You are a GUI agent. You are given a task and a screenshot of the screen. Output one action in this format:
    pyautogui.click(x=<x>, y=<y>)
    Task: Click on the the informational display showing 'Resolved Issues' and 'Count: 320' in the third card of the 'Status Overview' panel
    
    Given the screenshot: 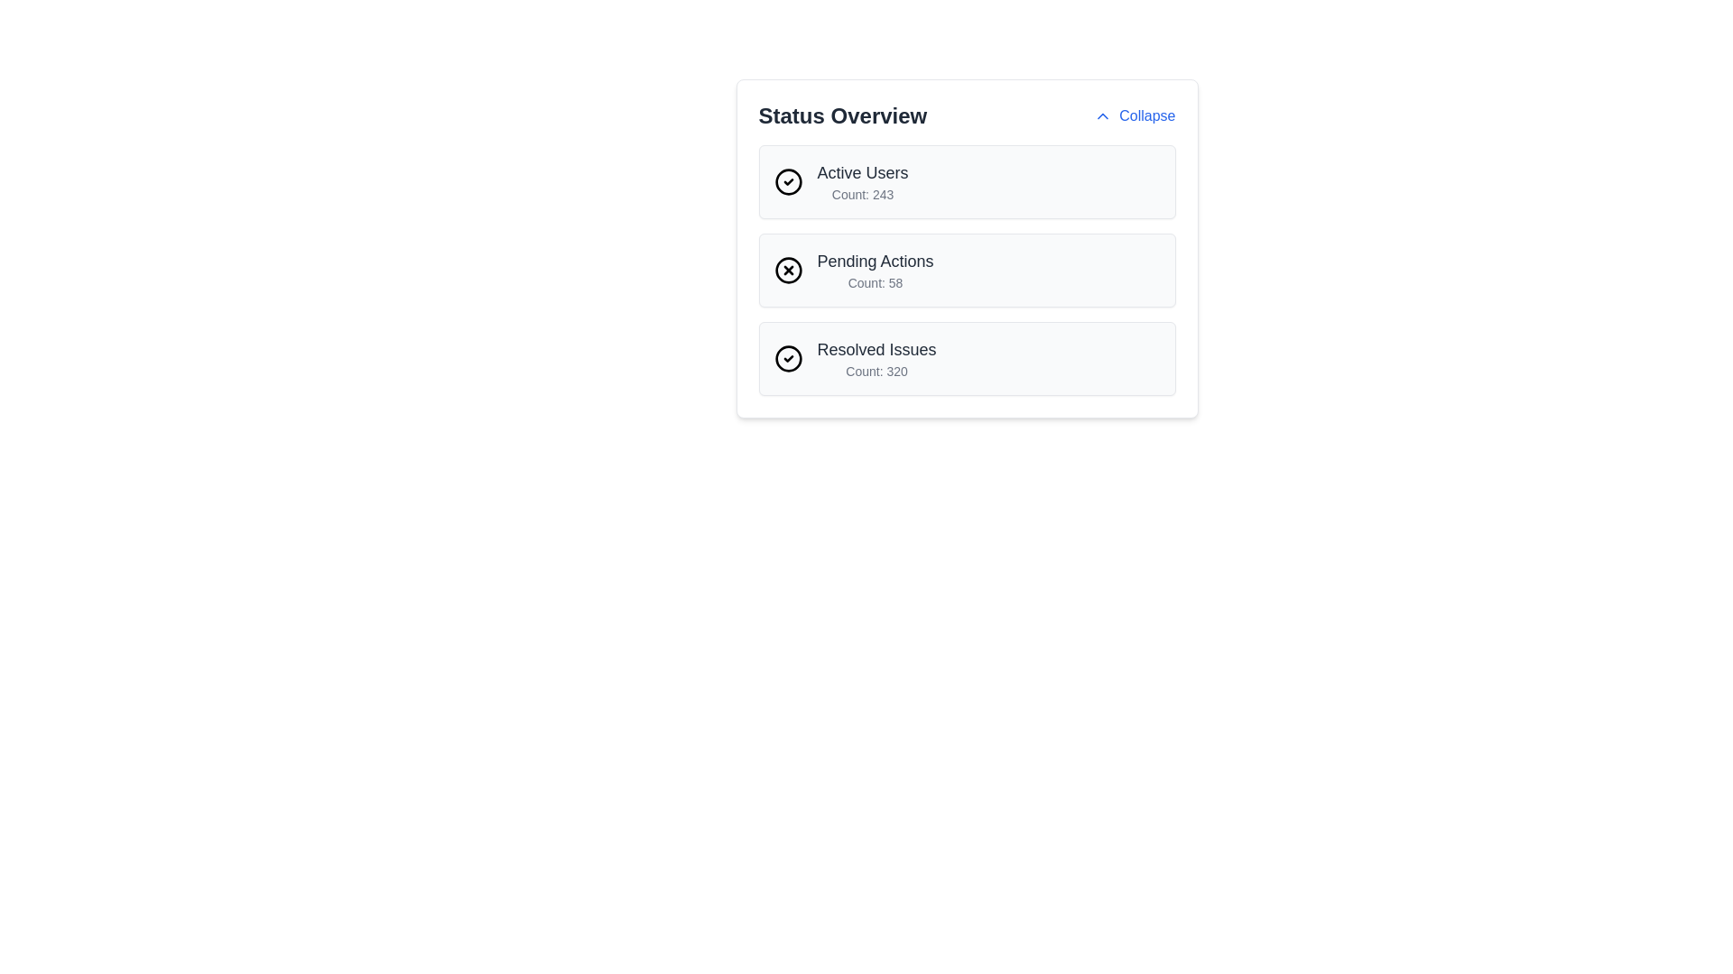 What is the action you would take?
    pyautogui.click(x=876, y=358)
    